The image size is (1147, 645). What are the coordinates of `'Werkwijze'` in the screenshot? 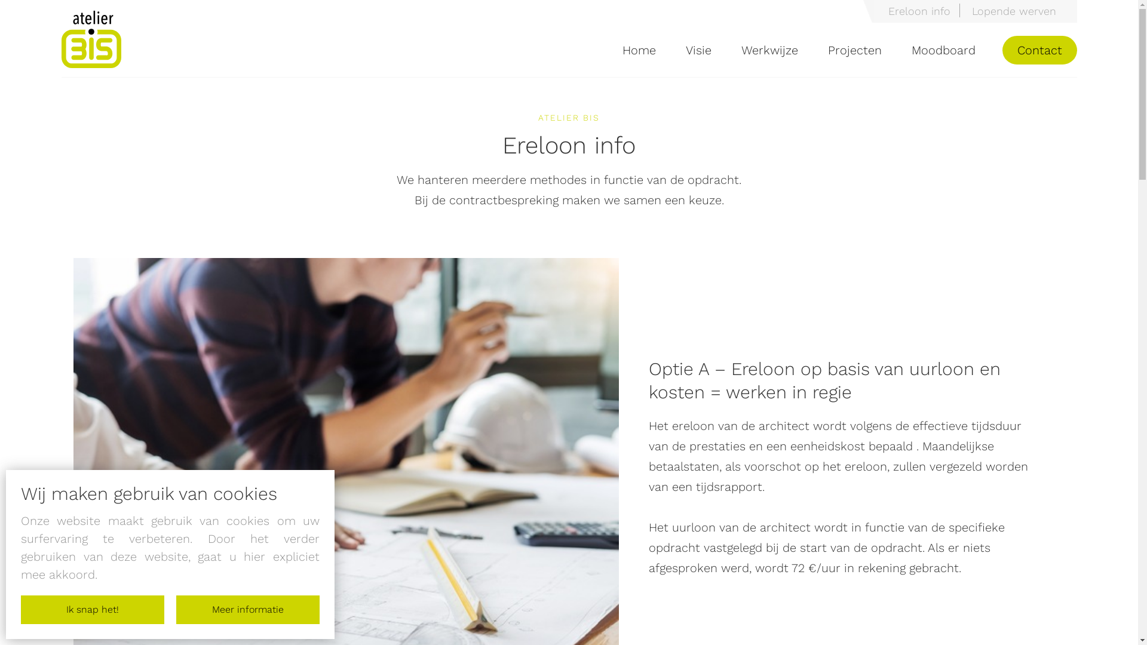 It's located at (769, 50).